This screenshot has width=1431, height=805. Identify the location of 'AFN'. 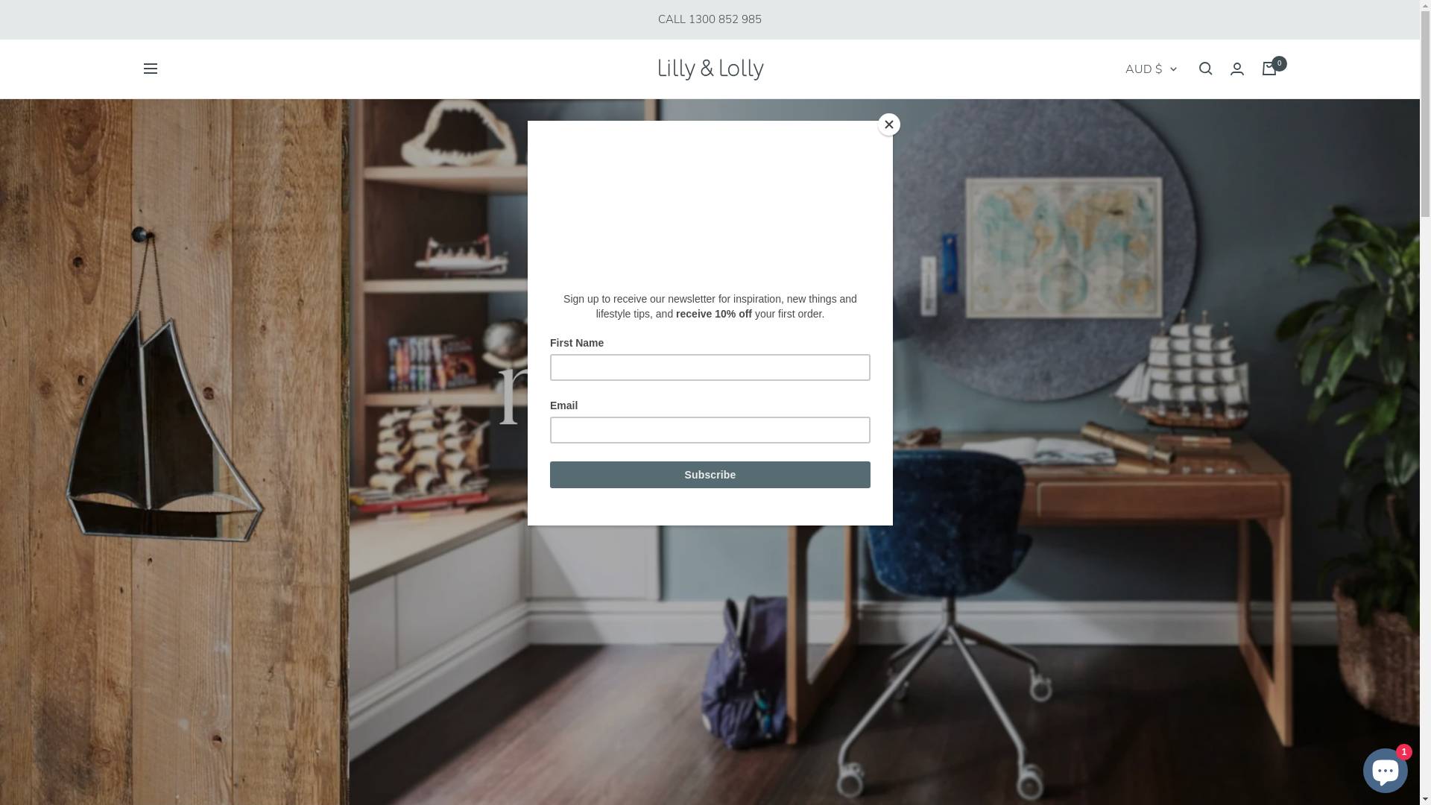
(1134, 149).